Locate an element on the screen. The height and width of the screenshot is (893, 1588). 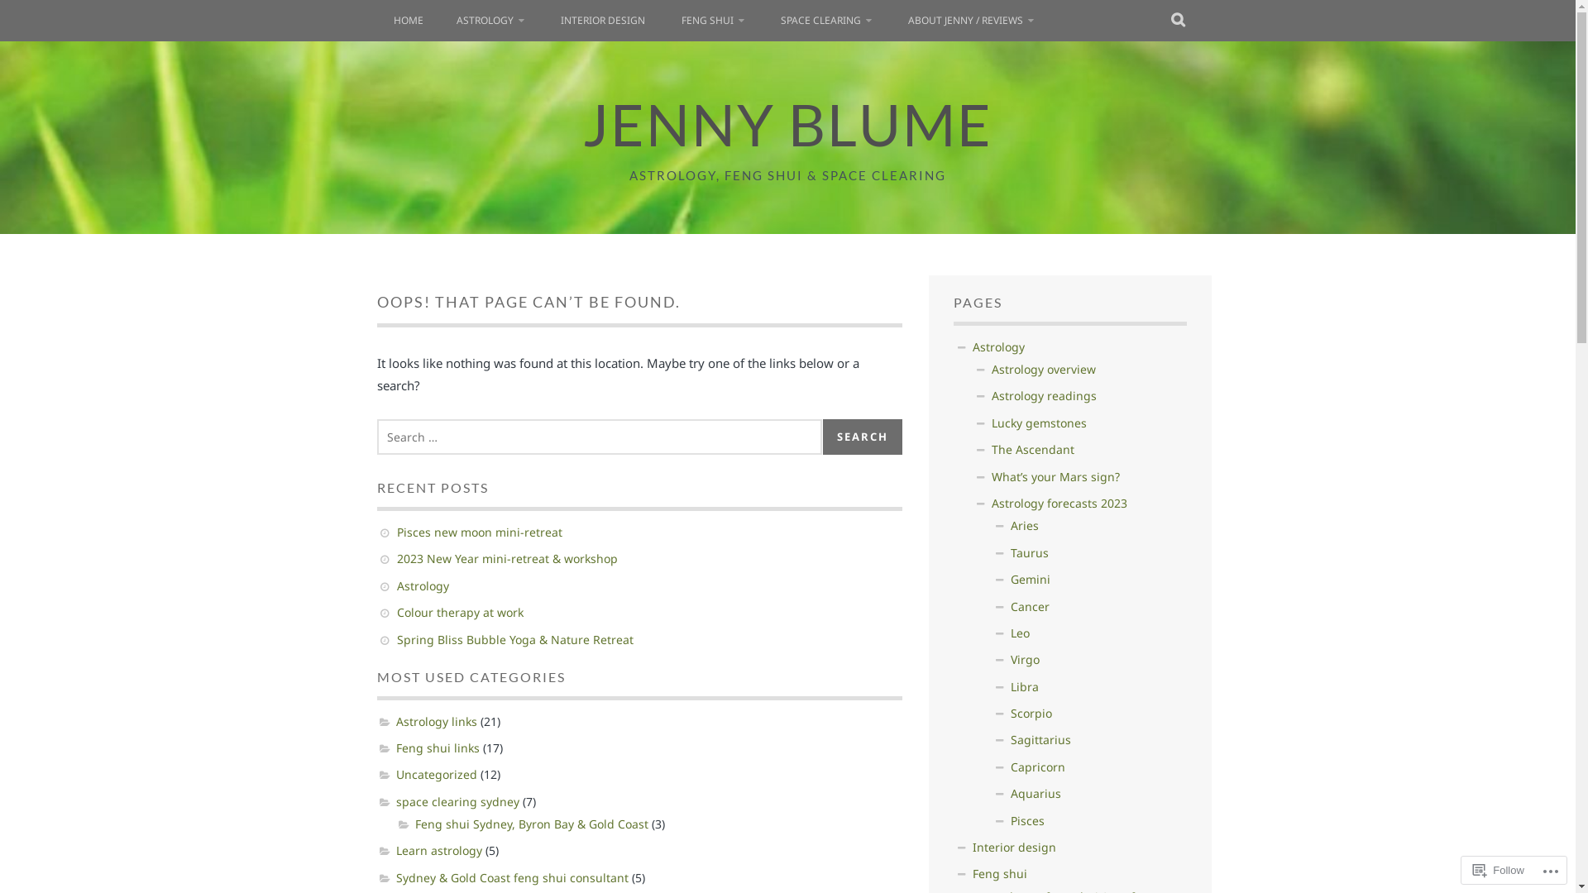
'Pisces new moon mini-retreat' is located at coordinates (479, 532).